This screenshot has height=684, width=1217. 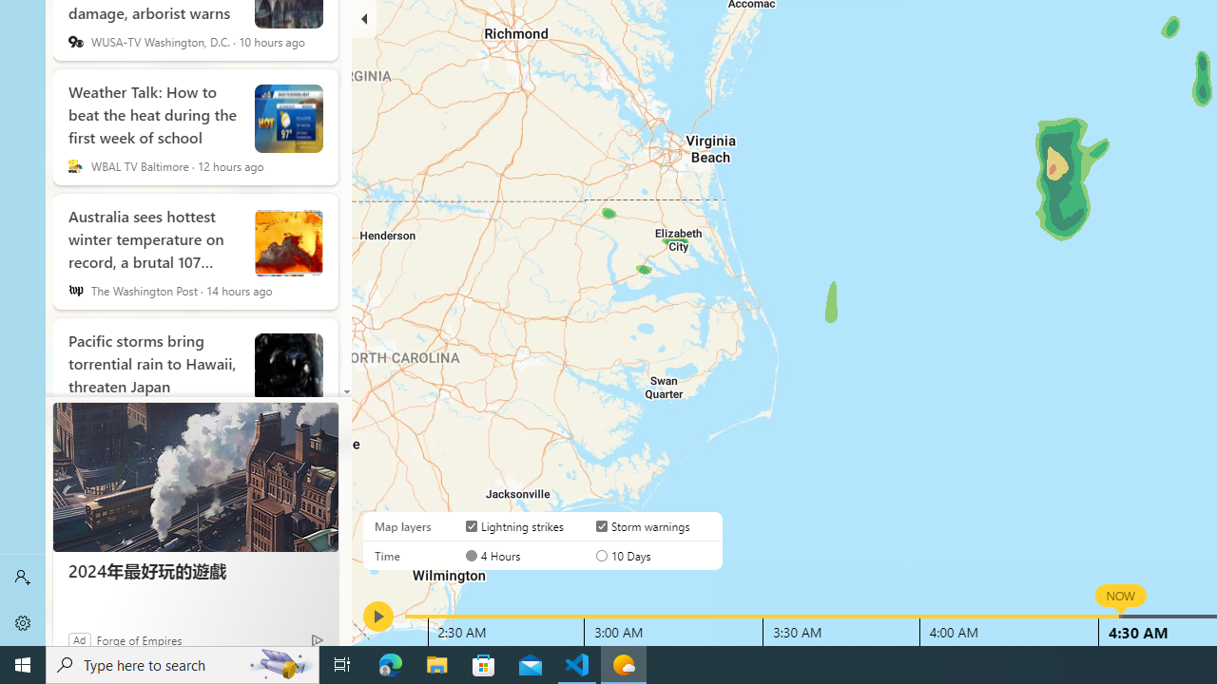 What do you see at coordinates (280, 663) in the screenshot?
I see `'Search highlights icon opens search home window'` at bounding box center [280, 663].